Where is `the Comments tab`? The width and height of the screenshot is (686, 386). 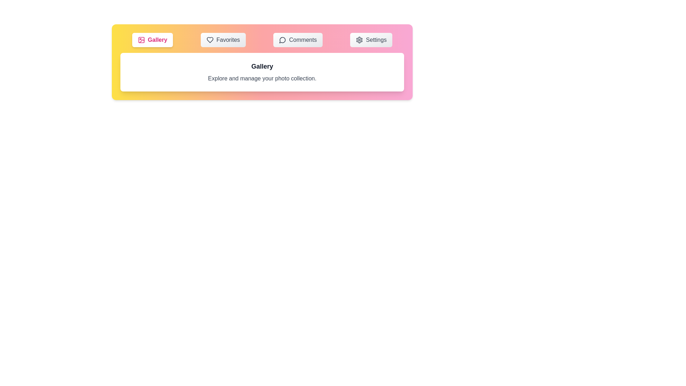
the Comments tab is located at coordinates (298, 40).